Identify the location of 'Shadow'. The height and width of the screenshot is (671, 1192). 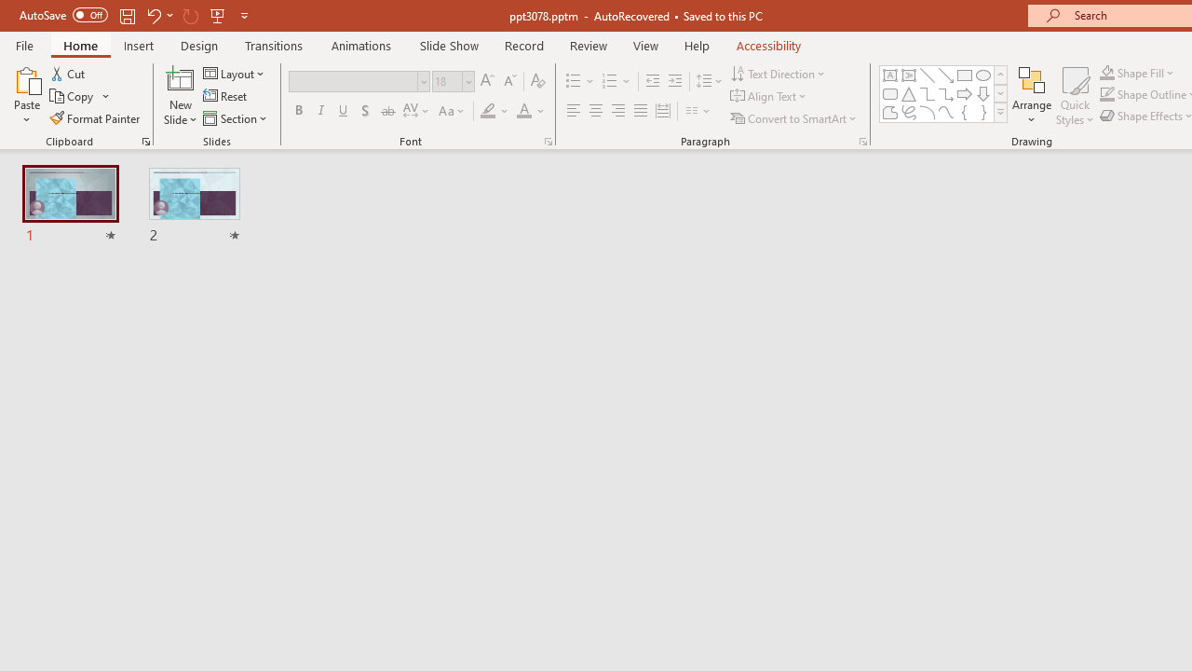
(365, 111).